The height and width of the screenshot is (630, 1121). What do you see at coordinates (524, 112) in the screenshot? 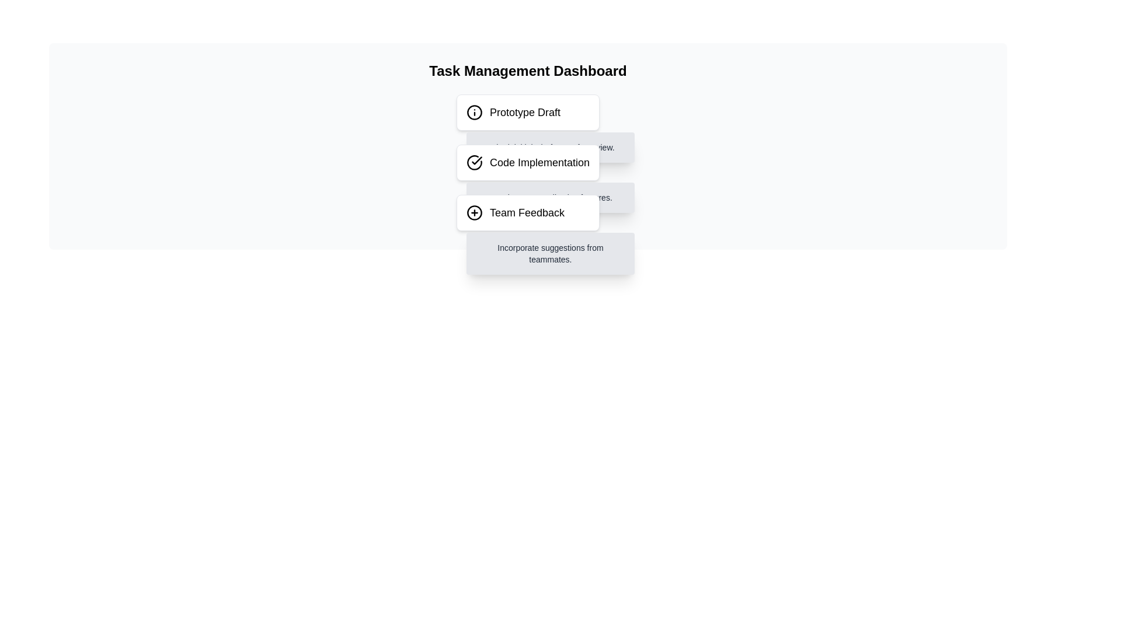
I see `the text label that reads 'Prototype Draft', which is part of a horizontal group next to an information icon within the first task item of a vertical task list` at bounding box center [524, 112].